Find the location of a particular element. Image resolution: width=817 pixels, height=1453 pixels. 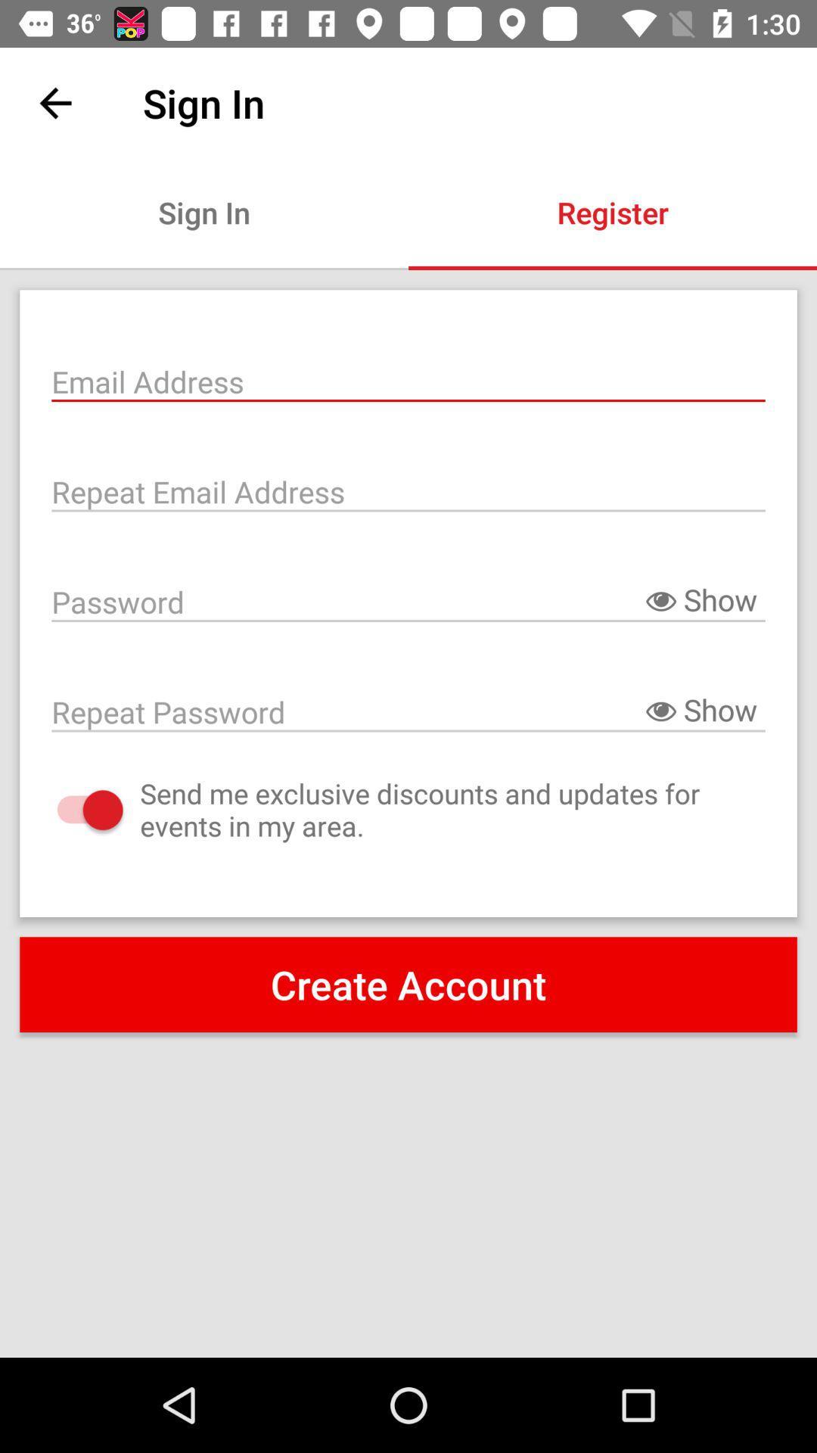

previous is located at coordinates (54, 102).